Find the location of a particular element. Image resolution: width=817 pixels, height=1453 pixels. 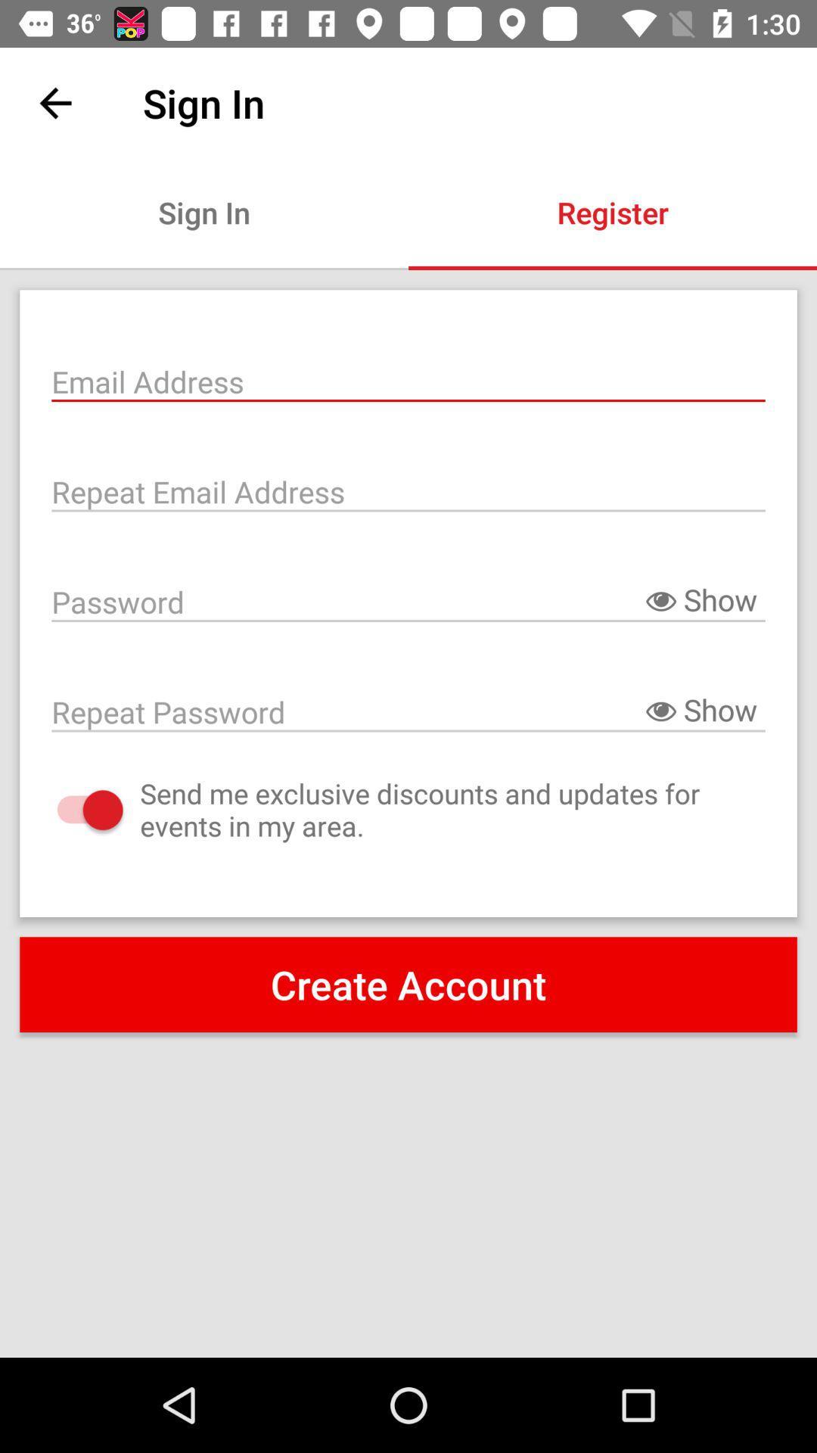

previous is located at coordinates (54, 102).